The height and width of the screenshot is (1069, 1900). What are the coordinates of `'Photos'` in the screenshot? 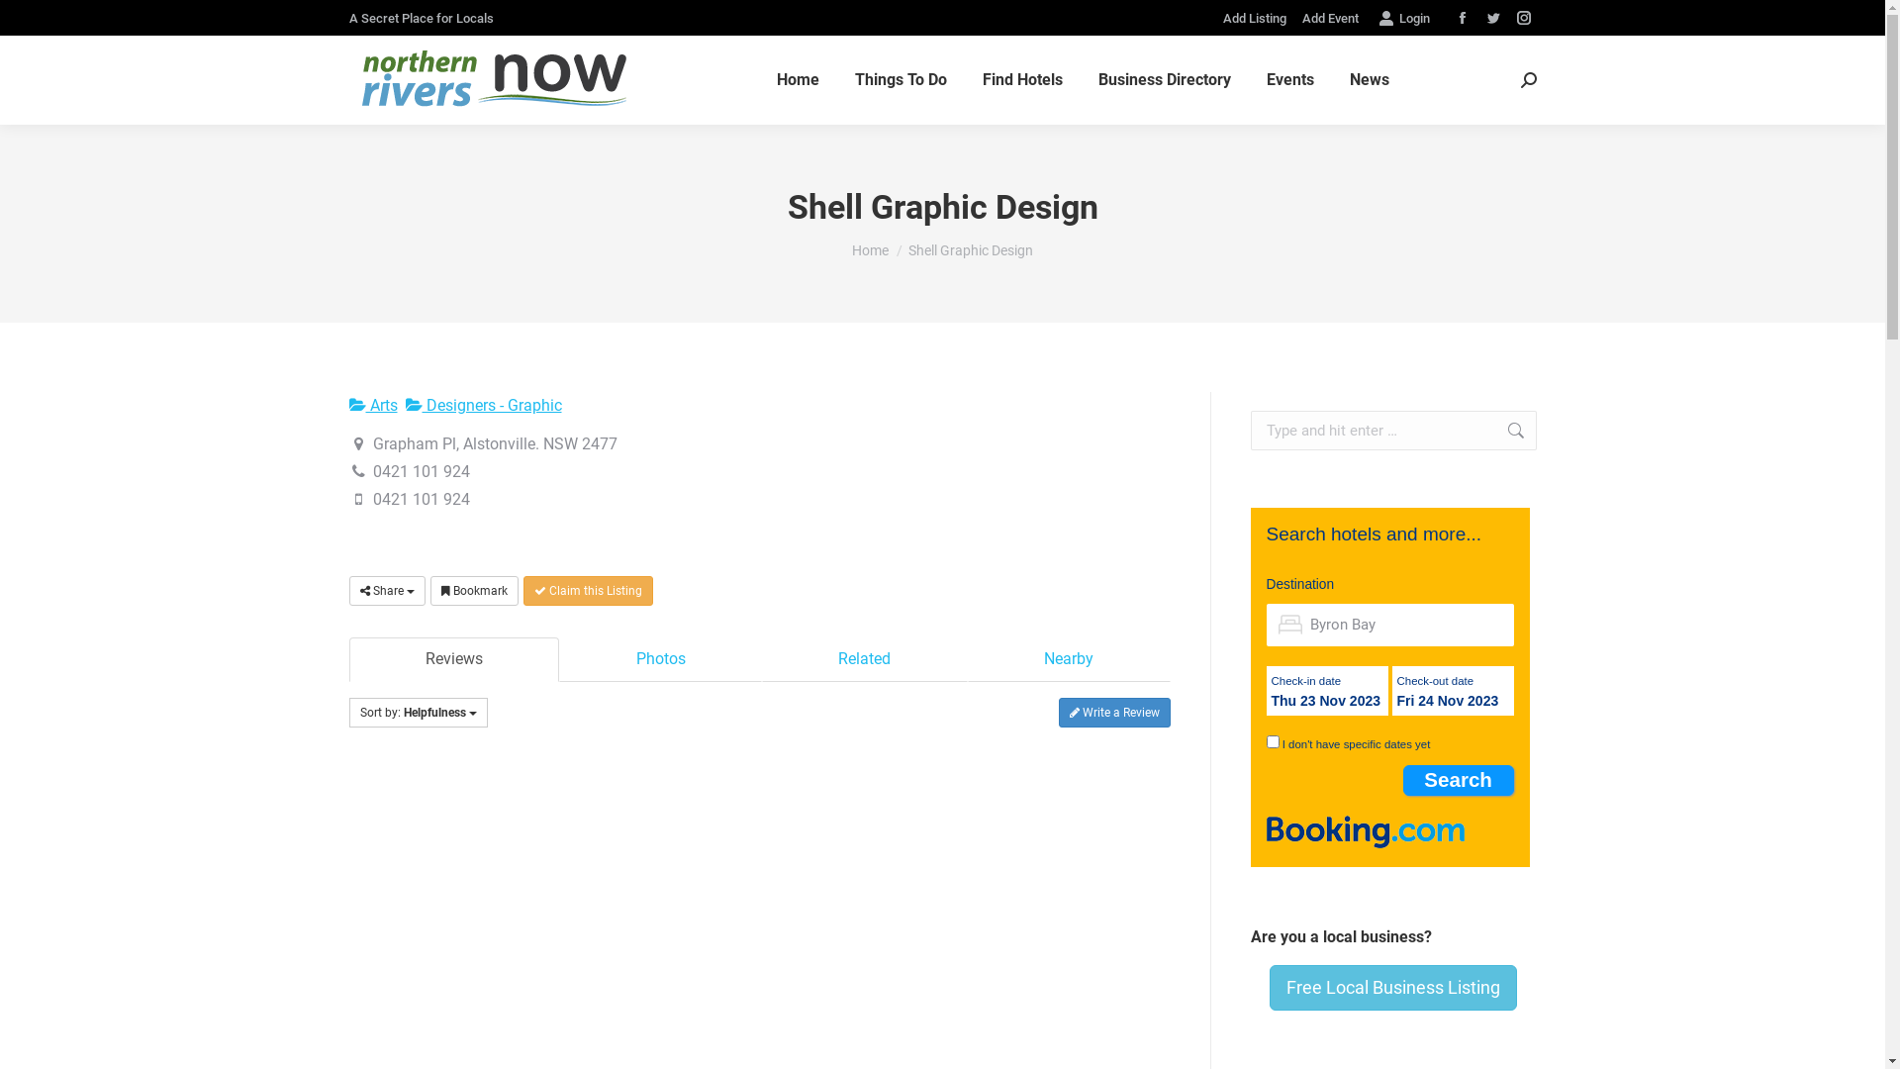 It's located at (660, 659).